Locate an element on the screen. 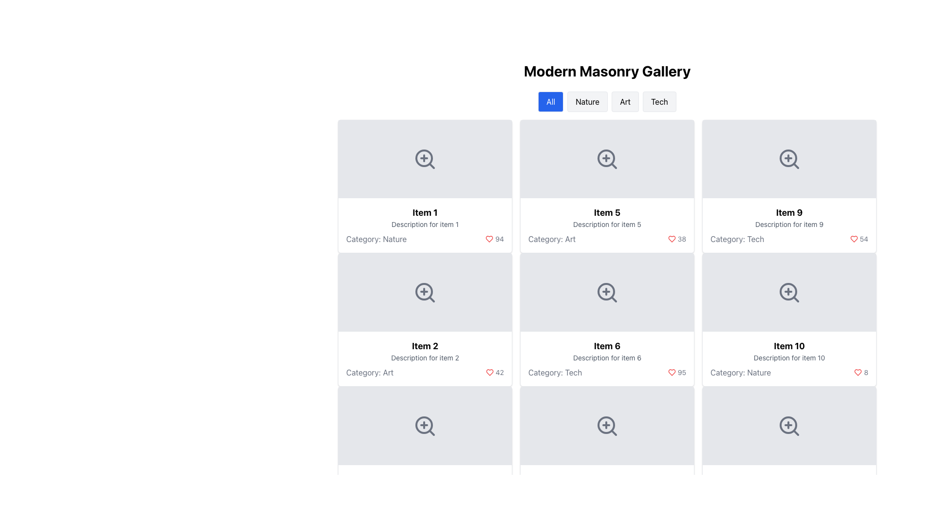  header text element located in the 6th panel of the grid, which serves as the title for its corresponding panel is located at coordinates (607, 345).